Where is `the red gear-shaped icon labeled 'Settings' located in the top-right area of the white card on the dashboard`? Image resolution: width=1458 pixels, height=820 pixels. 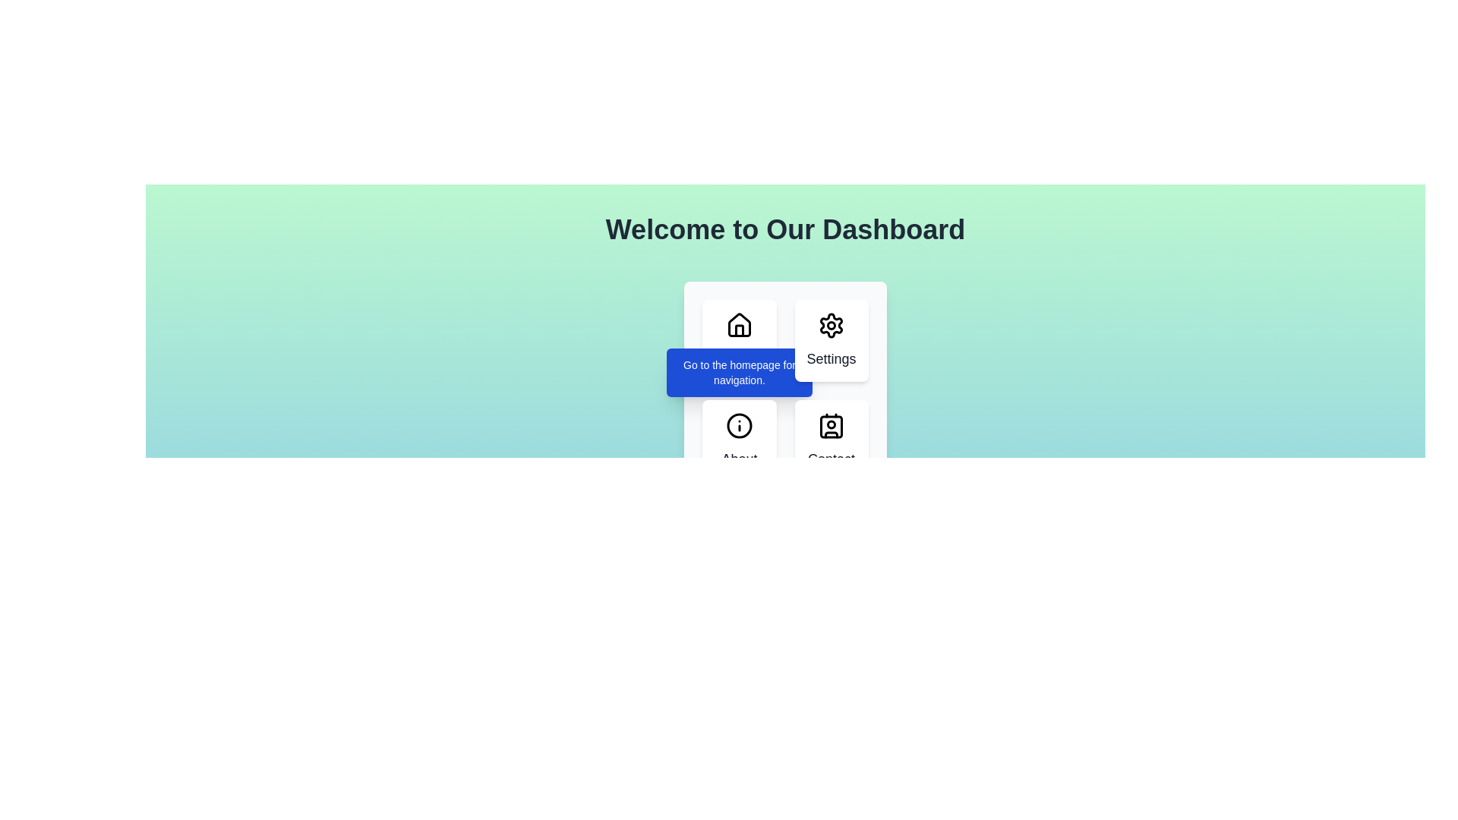
the red gear-shaped icon labeled 'Settings' located in the top-right area of the white card on the dashboard is located at coordinates (830, 324).